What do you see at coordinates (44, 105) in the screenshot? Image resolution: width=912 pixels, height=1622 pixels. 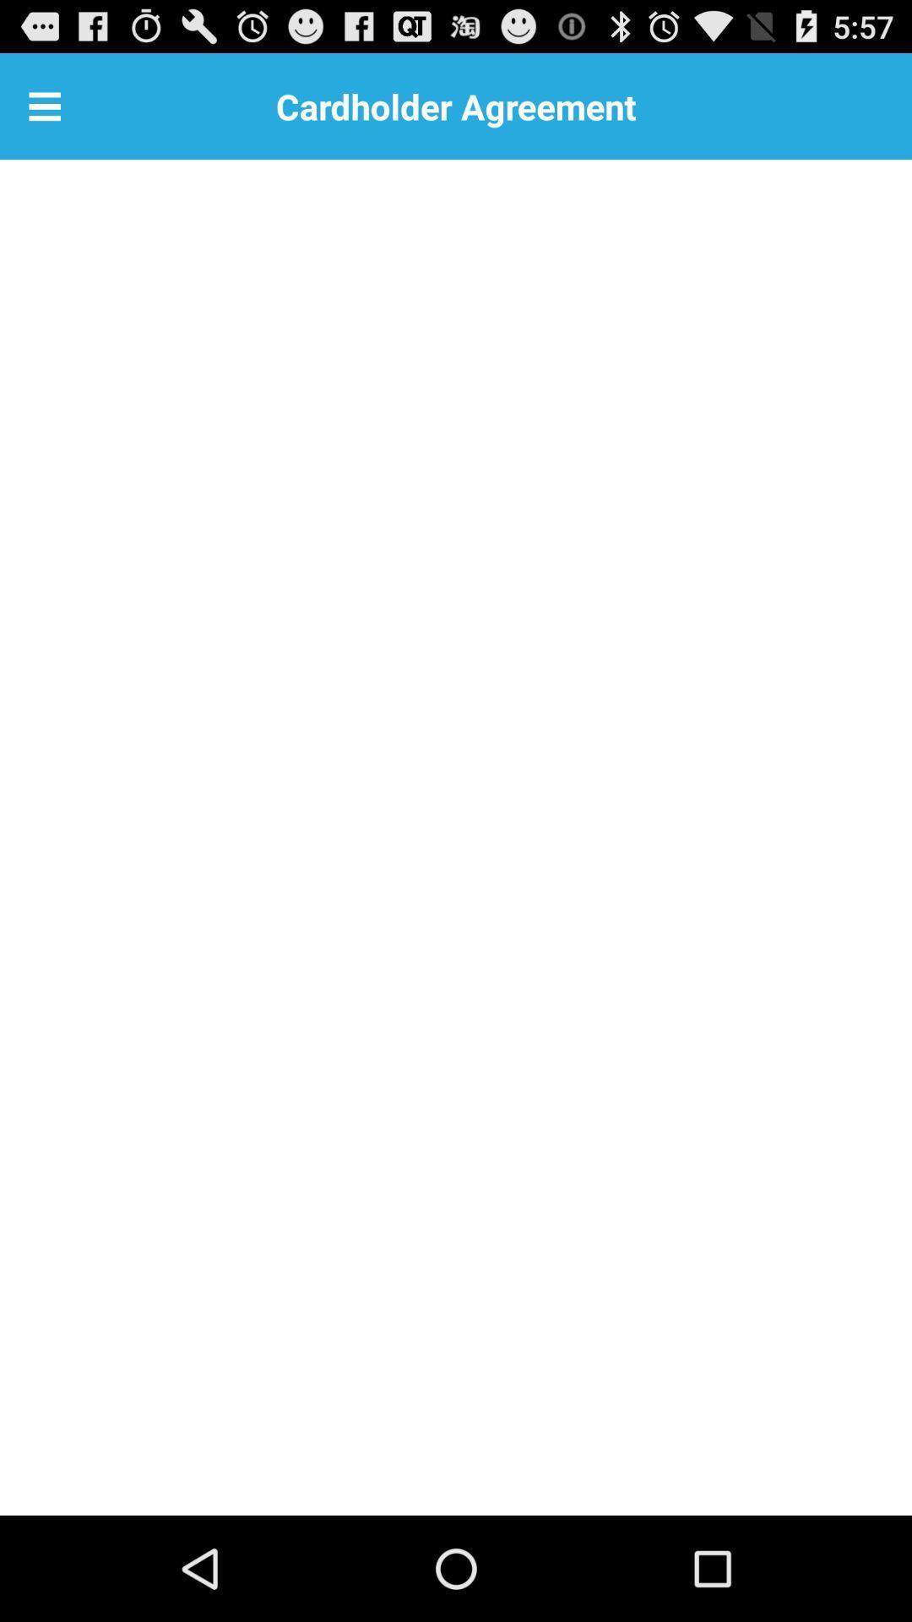 I see `app to the left of cardholder agreement item` at bounding box center [44, 105].